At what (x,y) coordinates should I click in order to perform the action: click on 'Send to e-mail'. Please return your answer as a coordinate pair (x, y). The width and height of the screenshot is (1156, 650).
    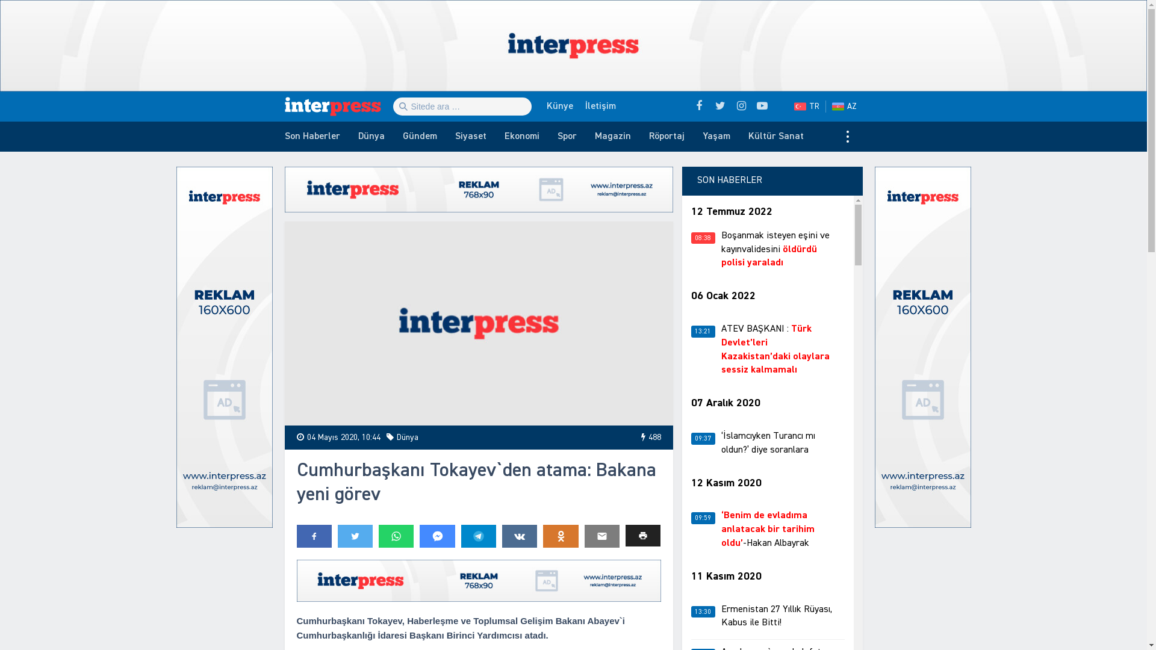
    Looking at the image, I should click on (601, 536).